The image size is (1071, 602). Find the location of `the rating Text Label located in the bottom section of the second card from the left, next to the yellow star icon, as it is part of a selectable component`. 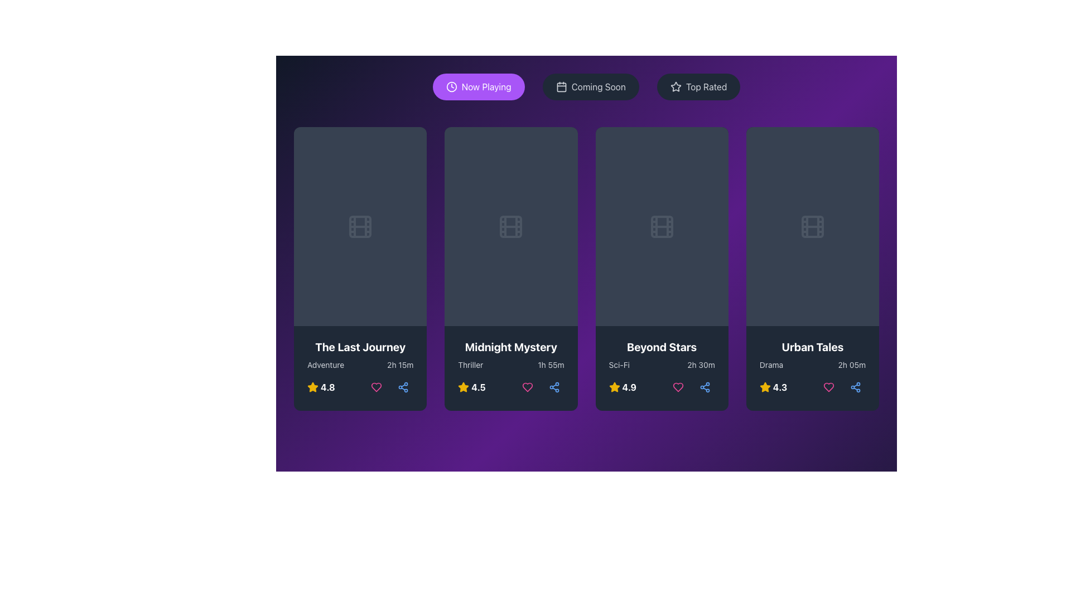

the rating Text Label located in the bottom section of the second card from the left, next to the yellow star icon, as it is part of a selectable component is located at coordinates (479, 387).